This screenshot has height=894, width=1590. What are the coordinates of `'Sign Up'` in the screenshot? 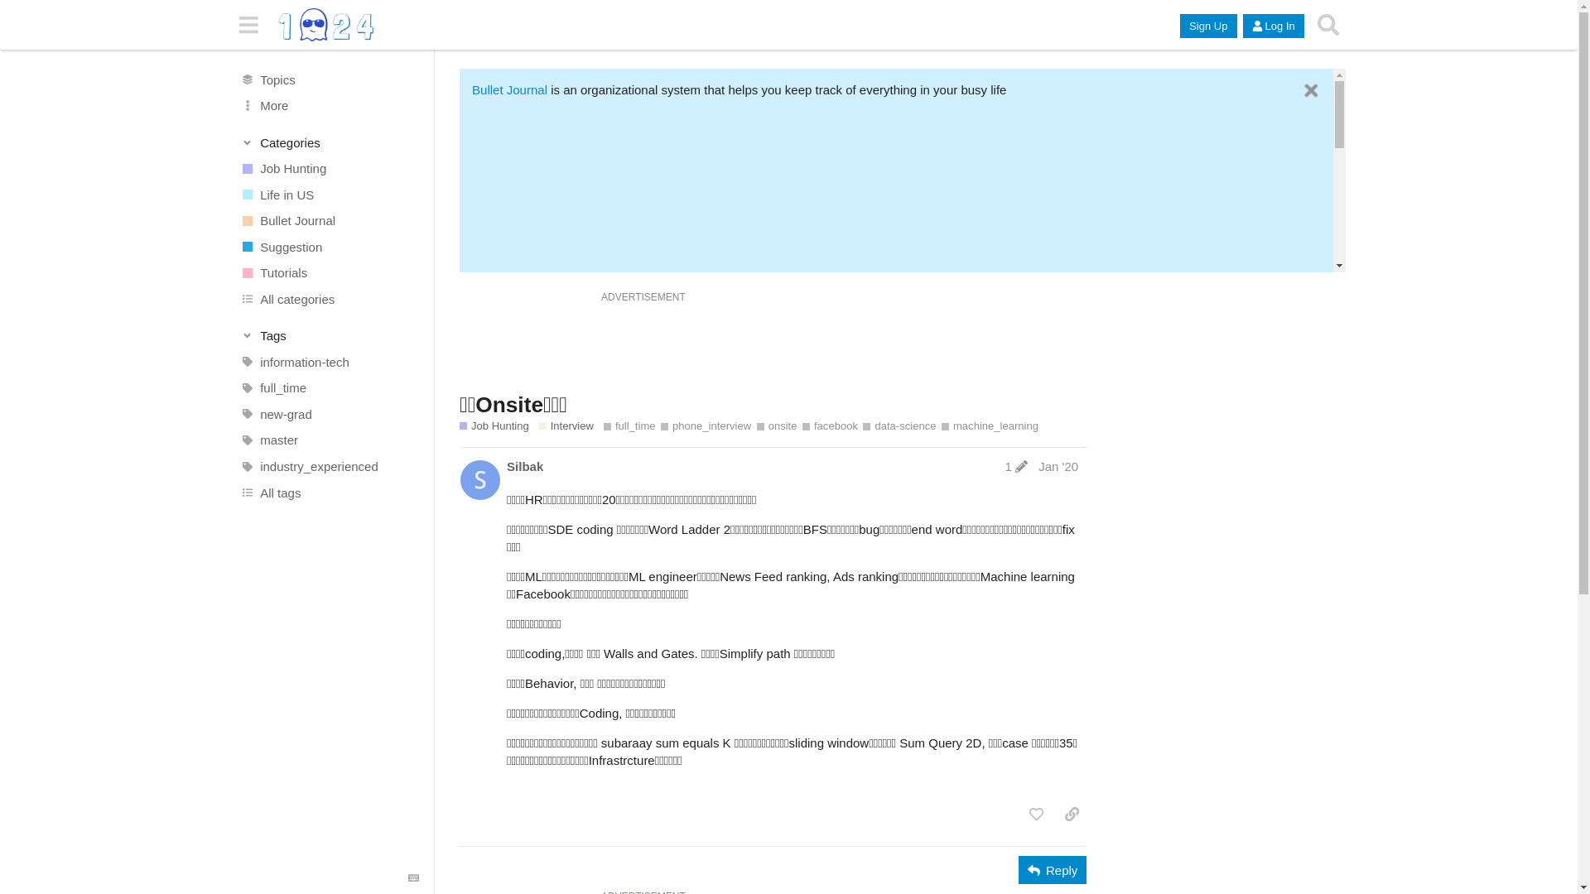 It's located at (1179, 26).